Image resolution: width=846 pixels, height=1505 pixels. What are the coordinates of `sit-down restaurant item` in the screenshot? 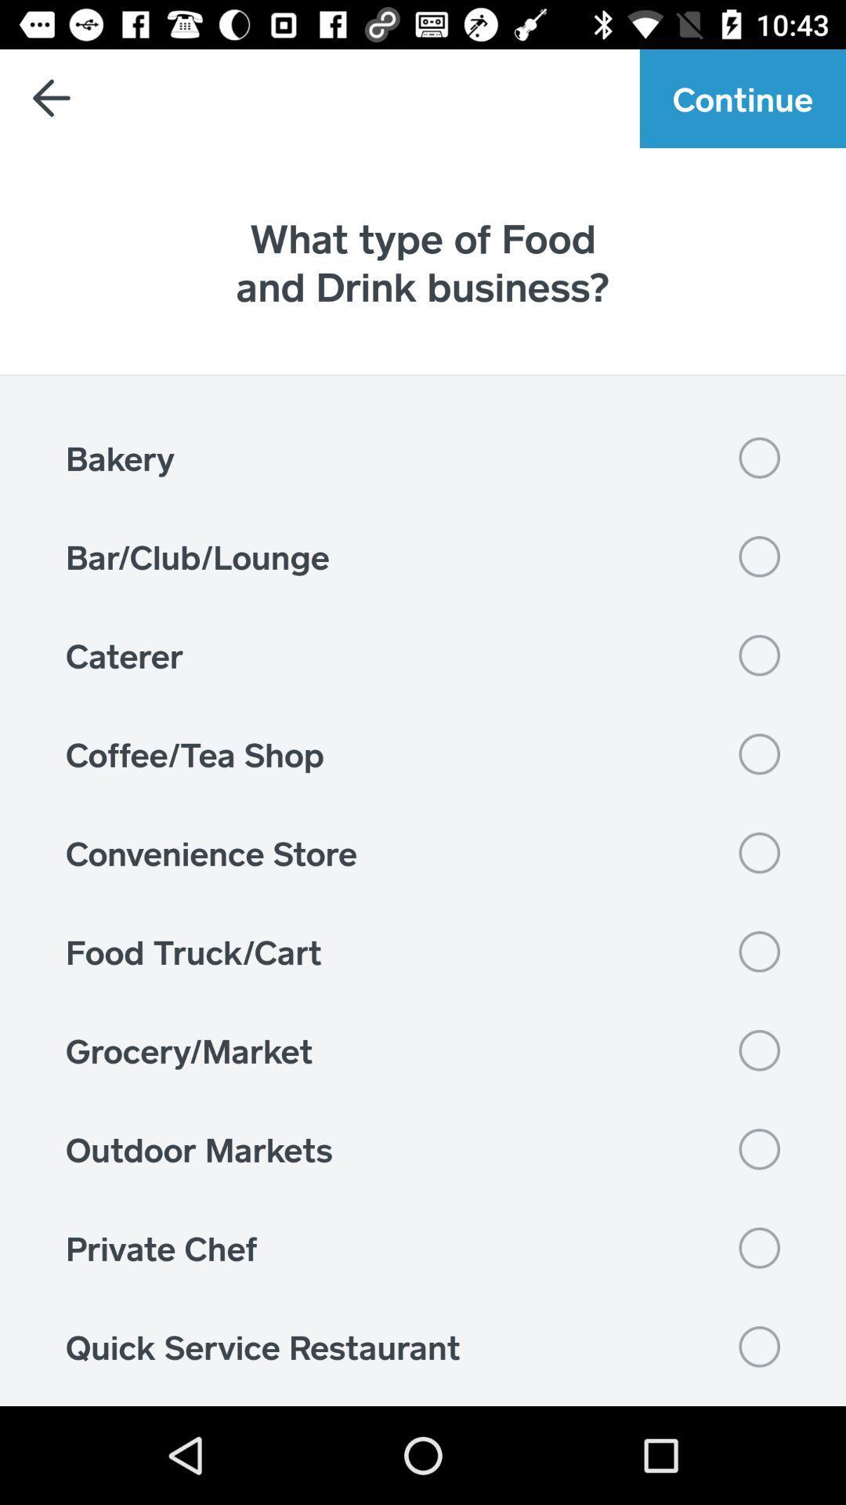 It's located at (423, 1401).